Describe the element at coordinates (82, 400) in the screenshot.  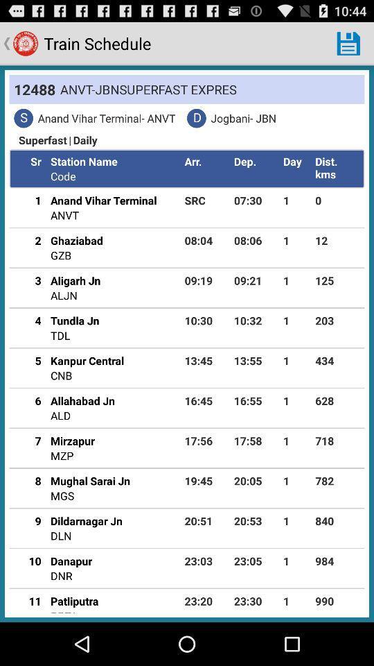
I see `the icon to the left of 16:45 app` at that location.